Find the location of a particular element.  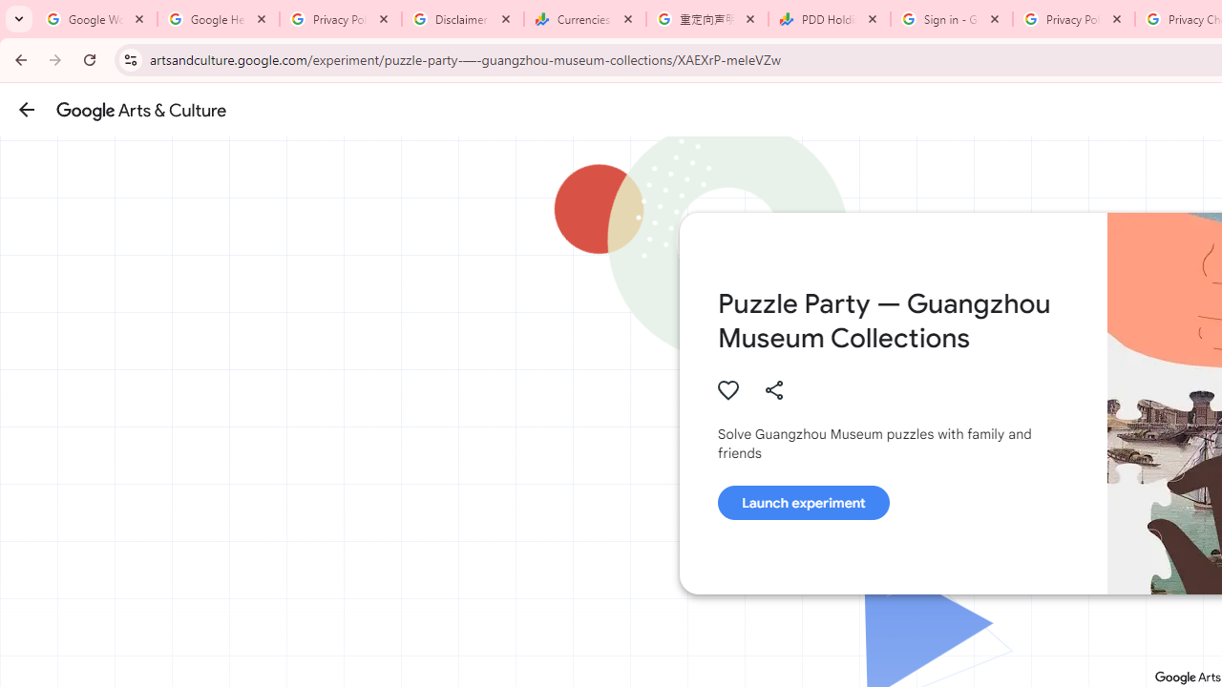

'Launch experiment' is located at coordinates (803, 502).